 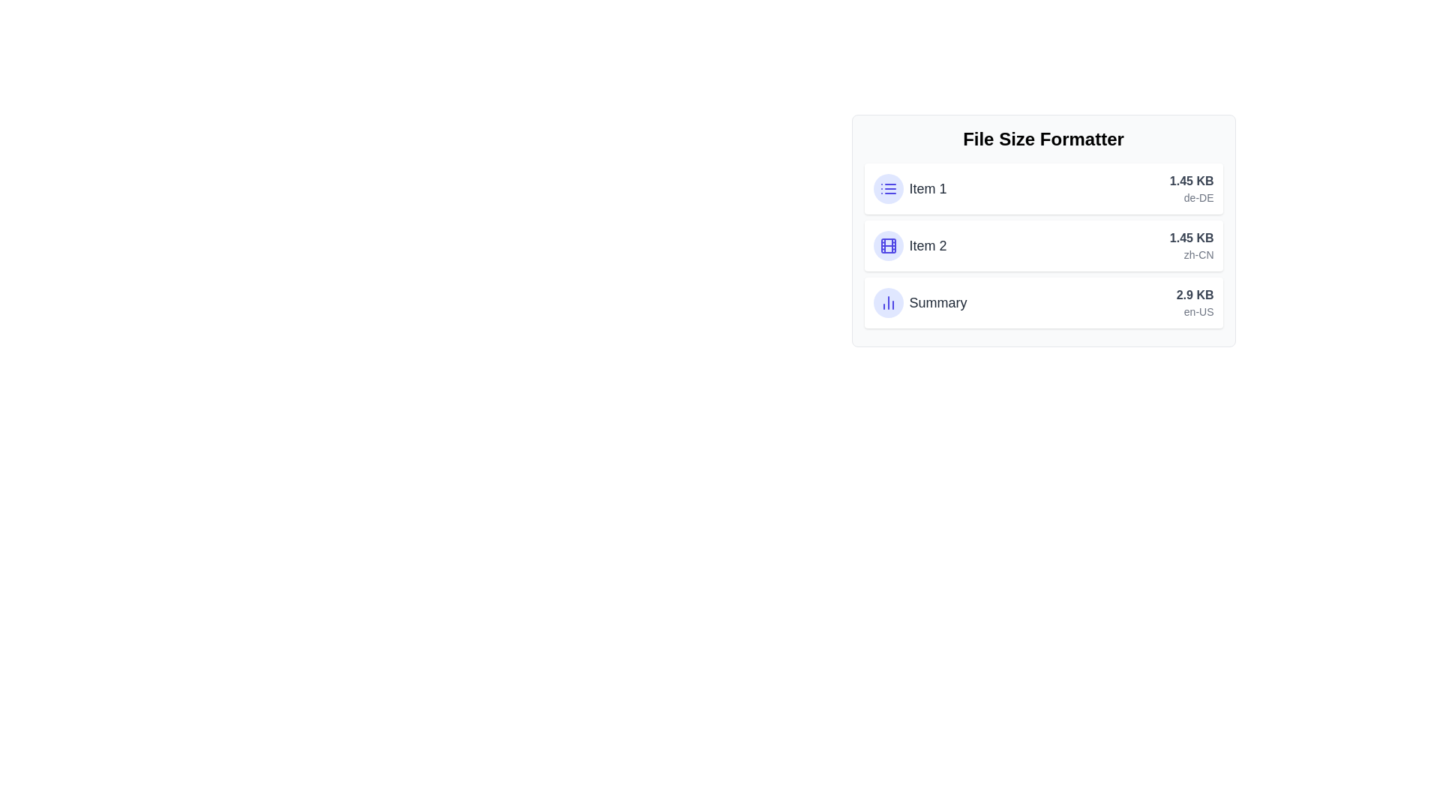 I want to click on the vertical bar chart icon with thin indigo lines located at the center of a circular button in the bottom-right section of the 'File Size Formatter' panel, next to the 'Summary' text, so click(x=888, y=303).